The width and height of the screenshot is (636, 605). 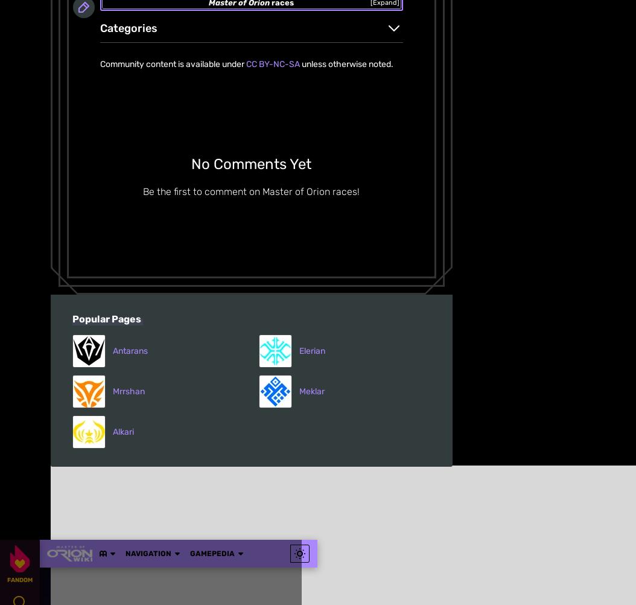 I want to click on 'Media Kit', so click(x=50, y=417).